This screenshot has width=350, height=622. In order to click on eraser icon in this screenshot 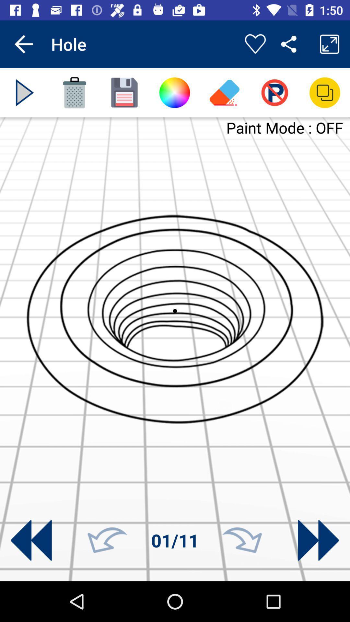, I will do `click(224, 92)`.